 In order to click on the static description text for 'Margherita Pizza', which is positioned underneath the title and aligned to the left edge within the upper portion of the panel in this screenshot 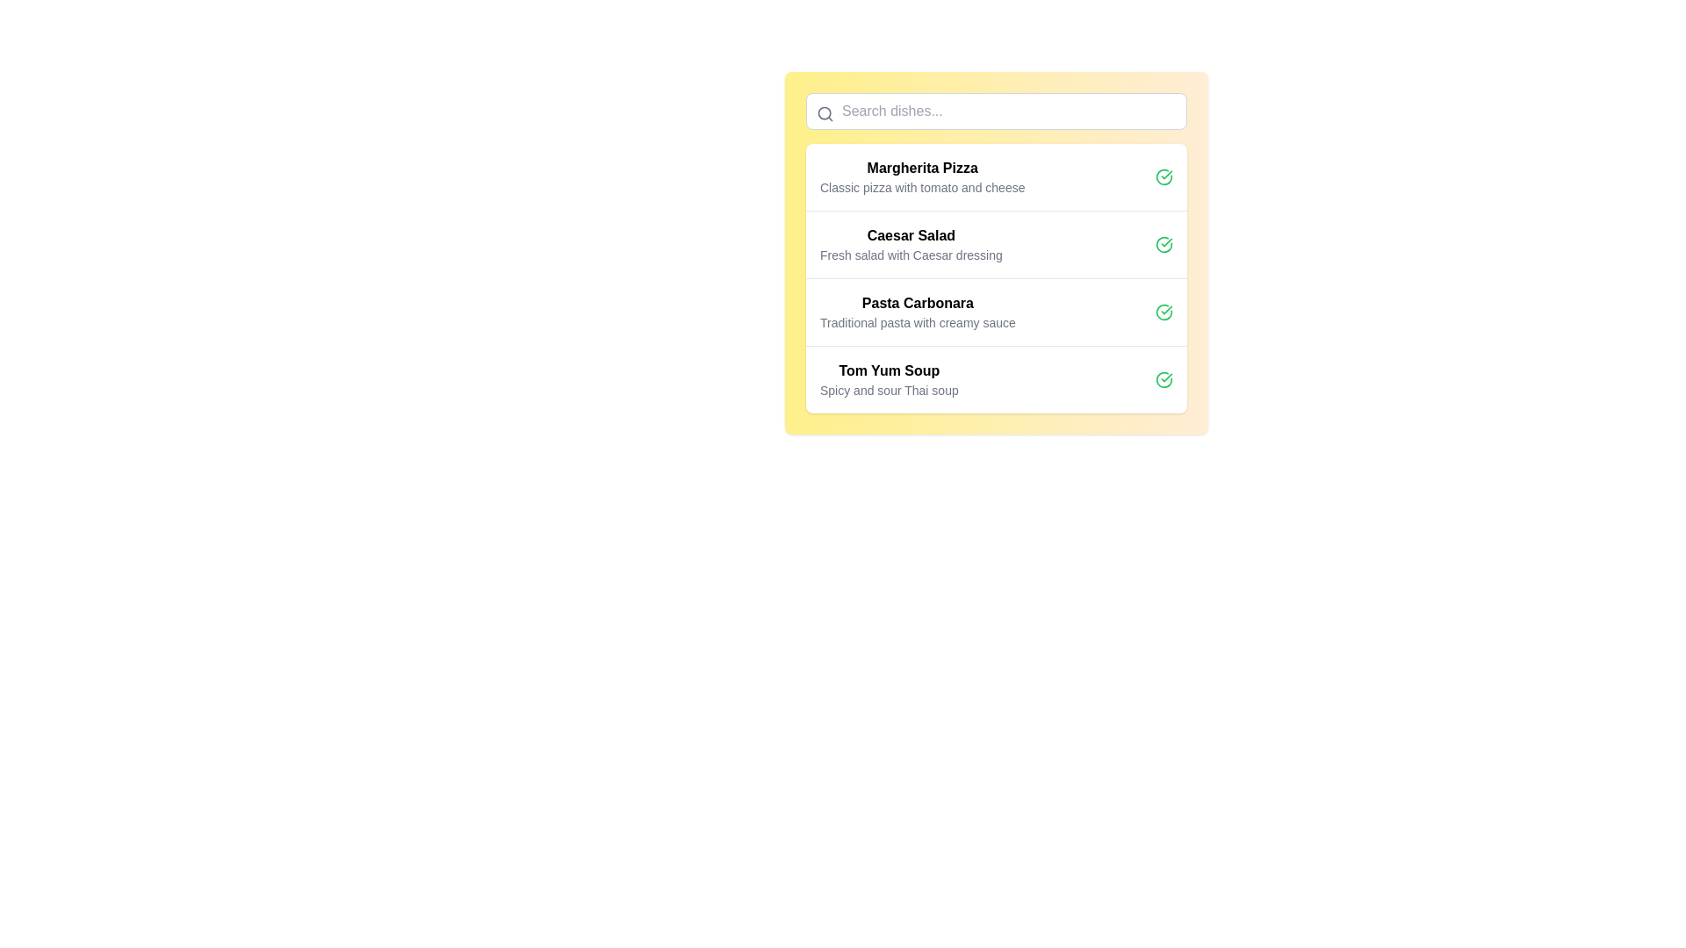, I will do `click(921, 187)`.